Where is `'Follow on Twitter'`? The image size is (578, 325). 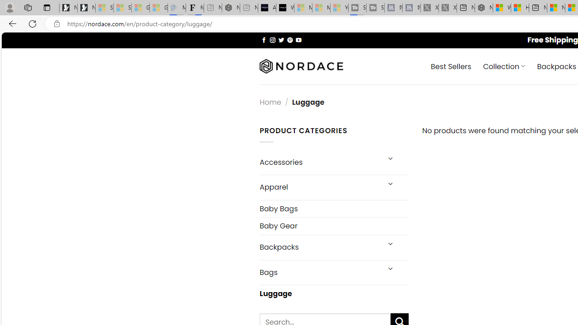
'Follow on Twitter' is located at coordinates (280, 39).